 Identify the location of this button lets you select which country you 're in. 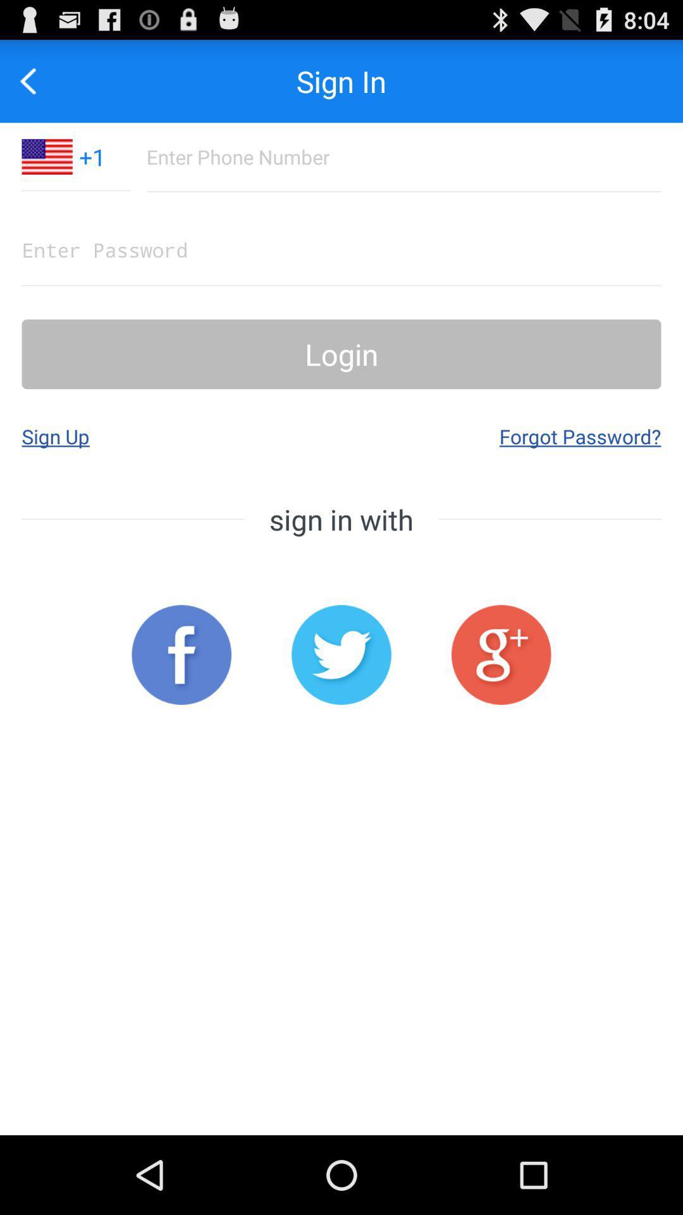
(46, 156).